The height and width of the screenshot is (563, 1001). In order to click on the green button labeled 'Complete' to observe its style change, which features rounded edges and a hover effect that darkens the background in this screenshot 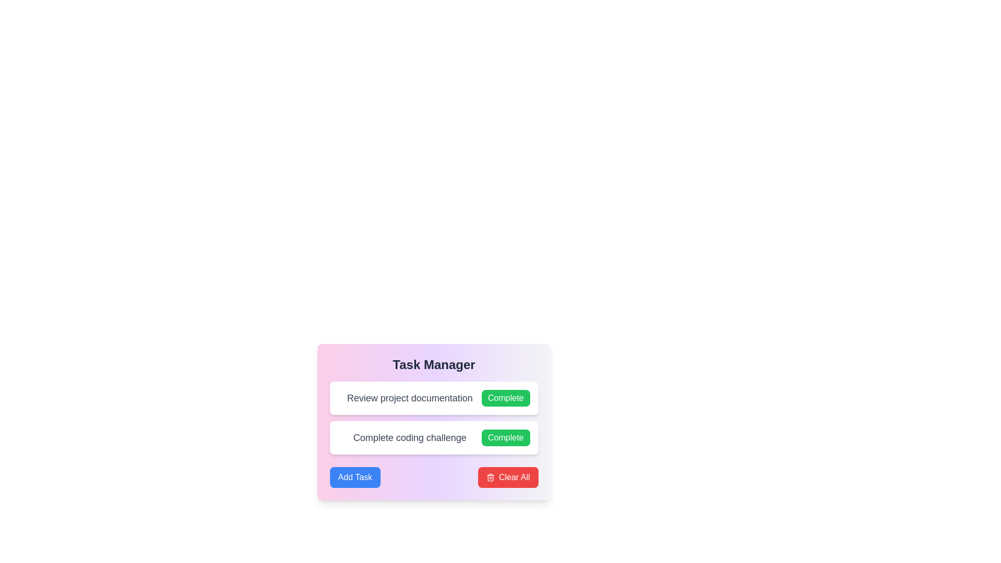, I will do `click(506, 398)`.